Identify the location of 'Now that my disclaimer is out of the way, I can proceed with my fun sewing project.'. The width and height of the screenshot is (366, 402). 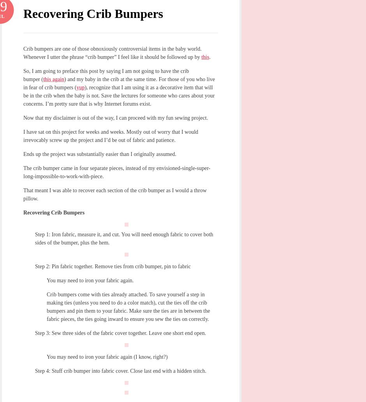
(115, 118).